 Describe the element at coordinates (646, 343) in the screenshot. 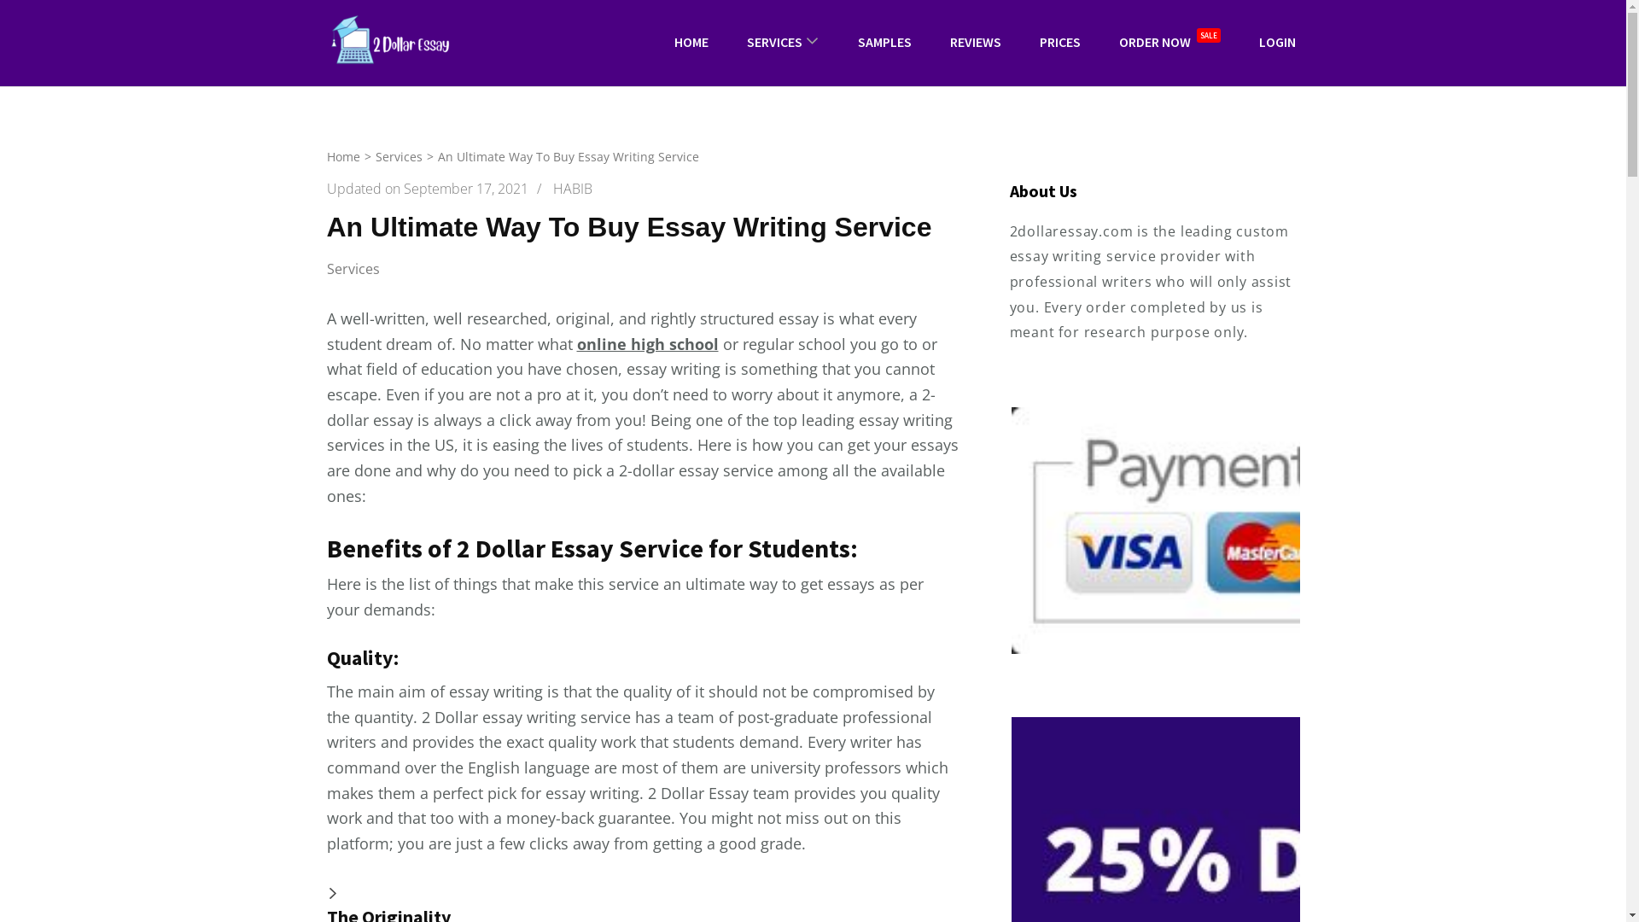

I see `'online high school'` at that location.